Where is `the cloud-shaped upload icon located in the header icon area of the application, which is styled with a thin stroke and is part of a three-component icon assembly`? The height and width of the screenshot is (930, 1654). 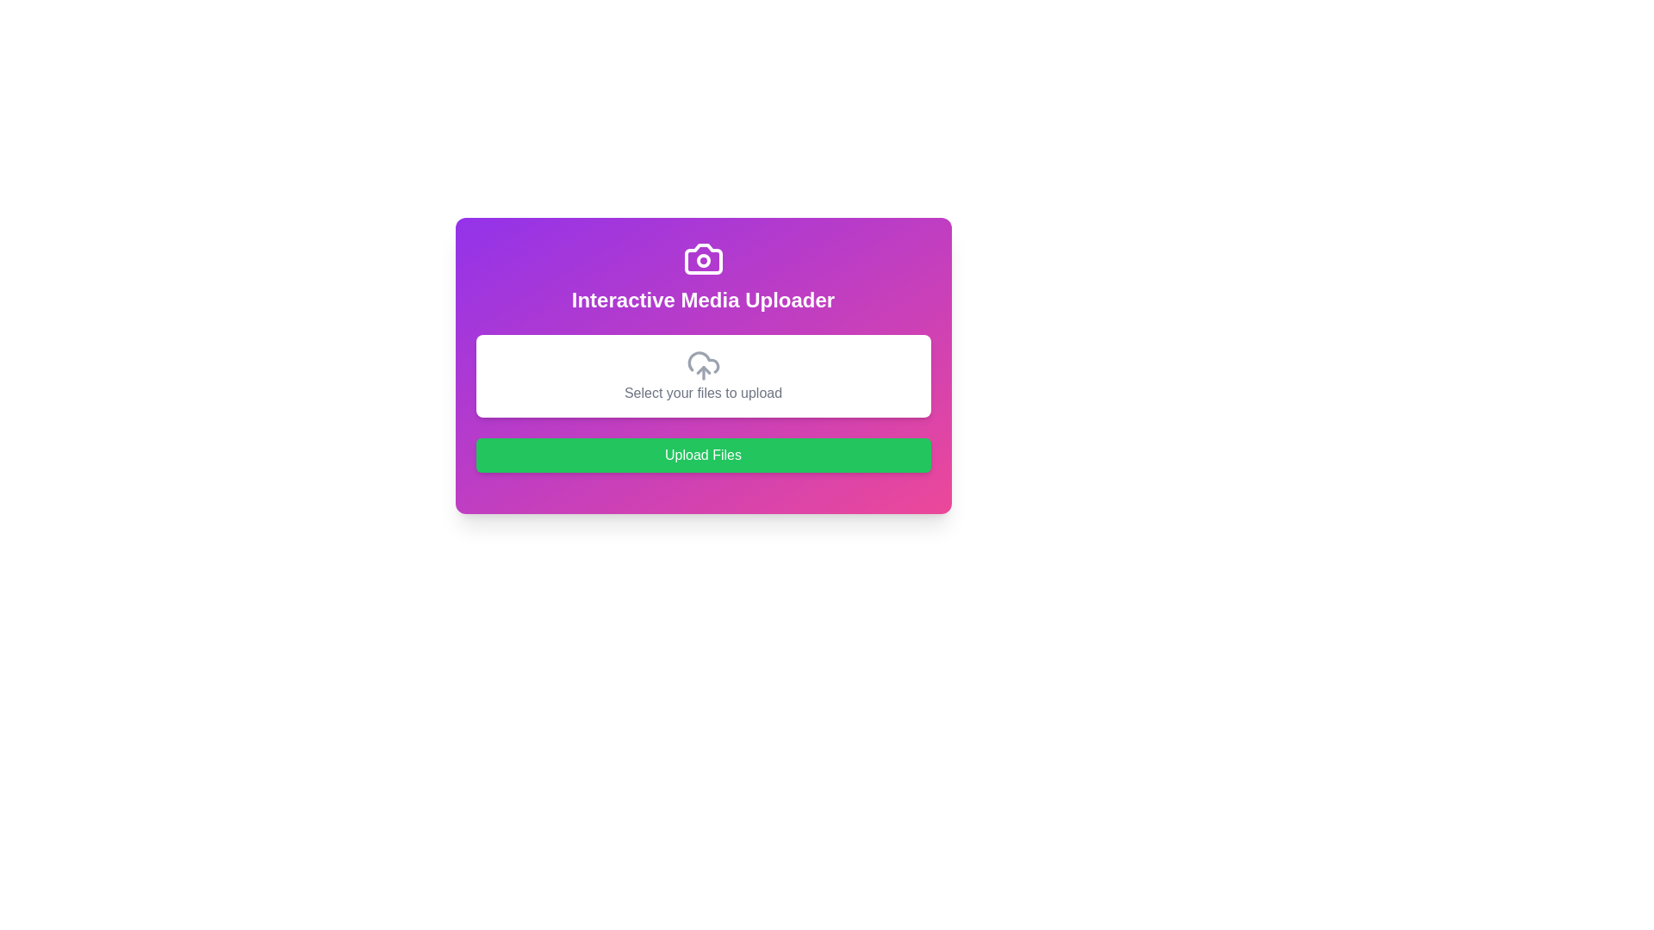 the cloud-shaped upload icon located in the header icon area of the application, which is styled with a thin stroke and is part of a three-component icon assembly is located at coordinates (703, 362).